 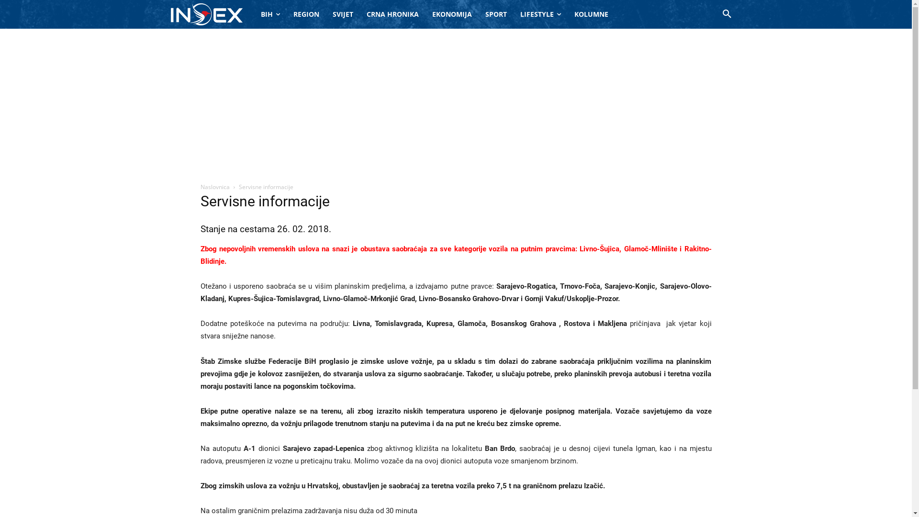 What do you see at coordinates (206, 14) in the screenshot?
I see `'Index news portal'` at bounding box center [206, 14].